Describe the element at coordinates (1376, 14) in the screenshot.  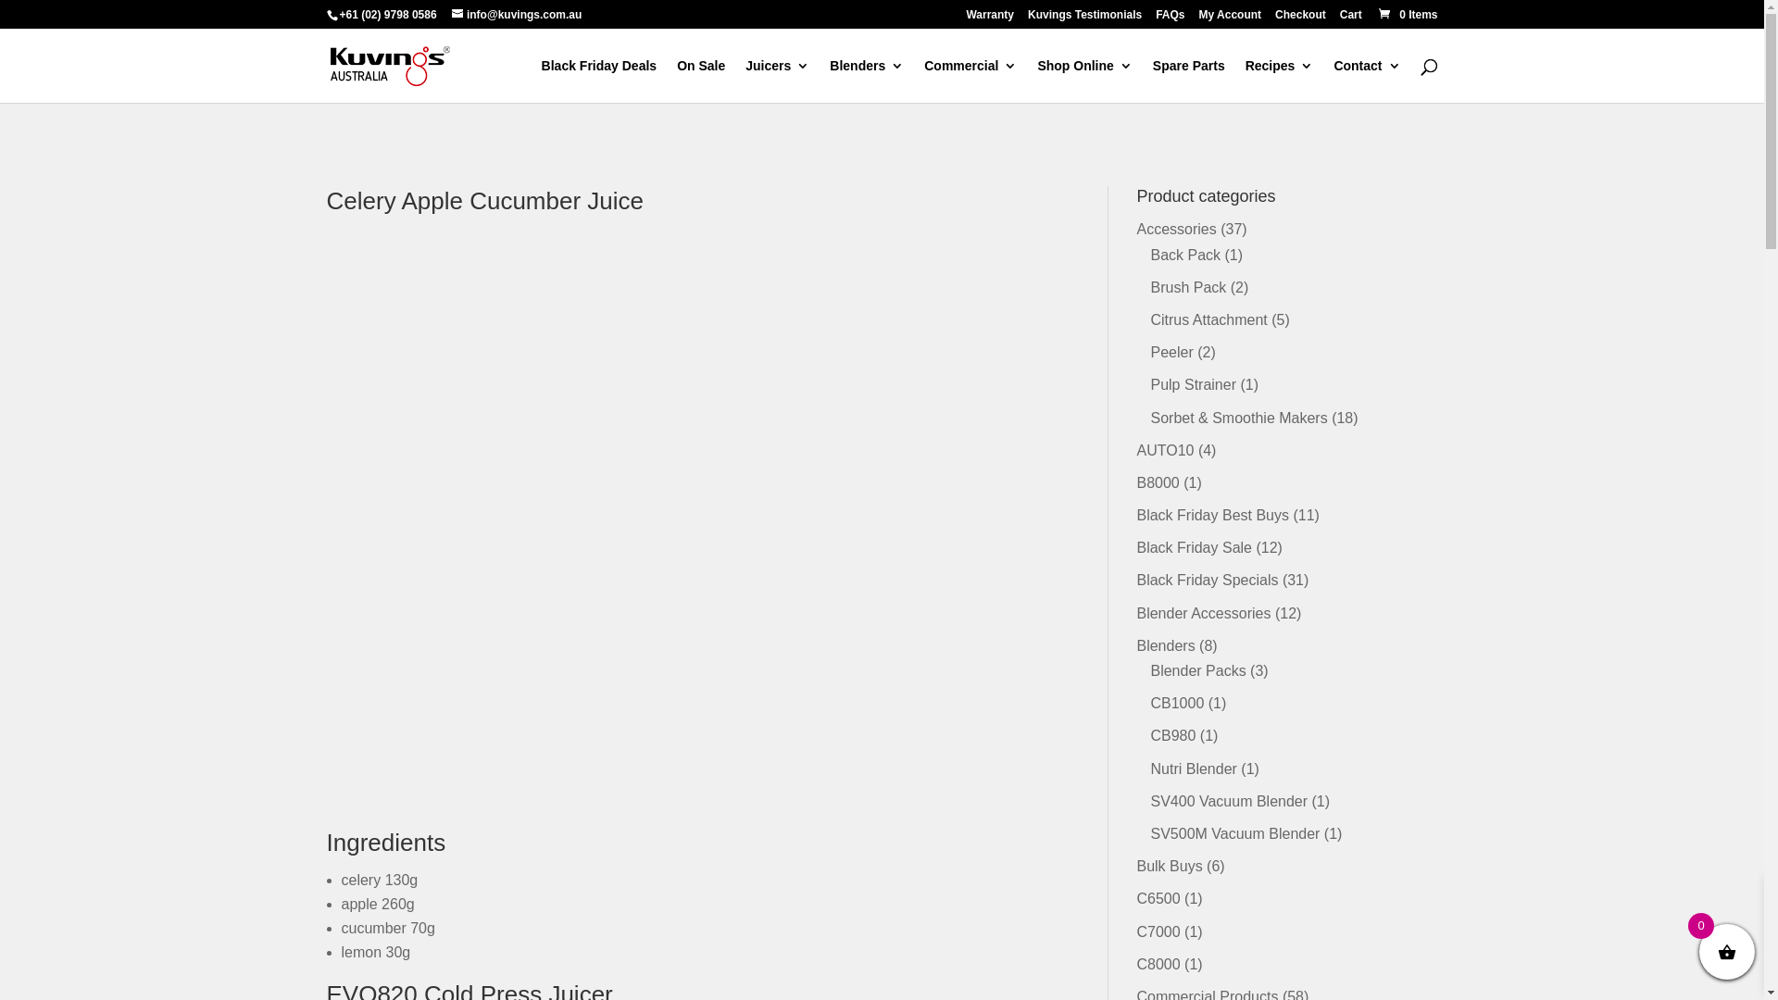
I see `'0 Items'` at that location.